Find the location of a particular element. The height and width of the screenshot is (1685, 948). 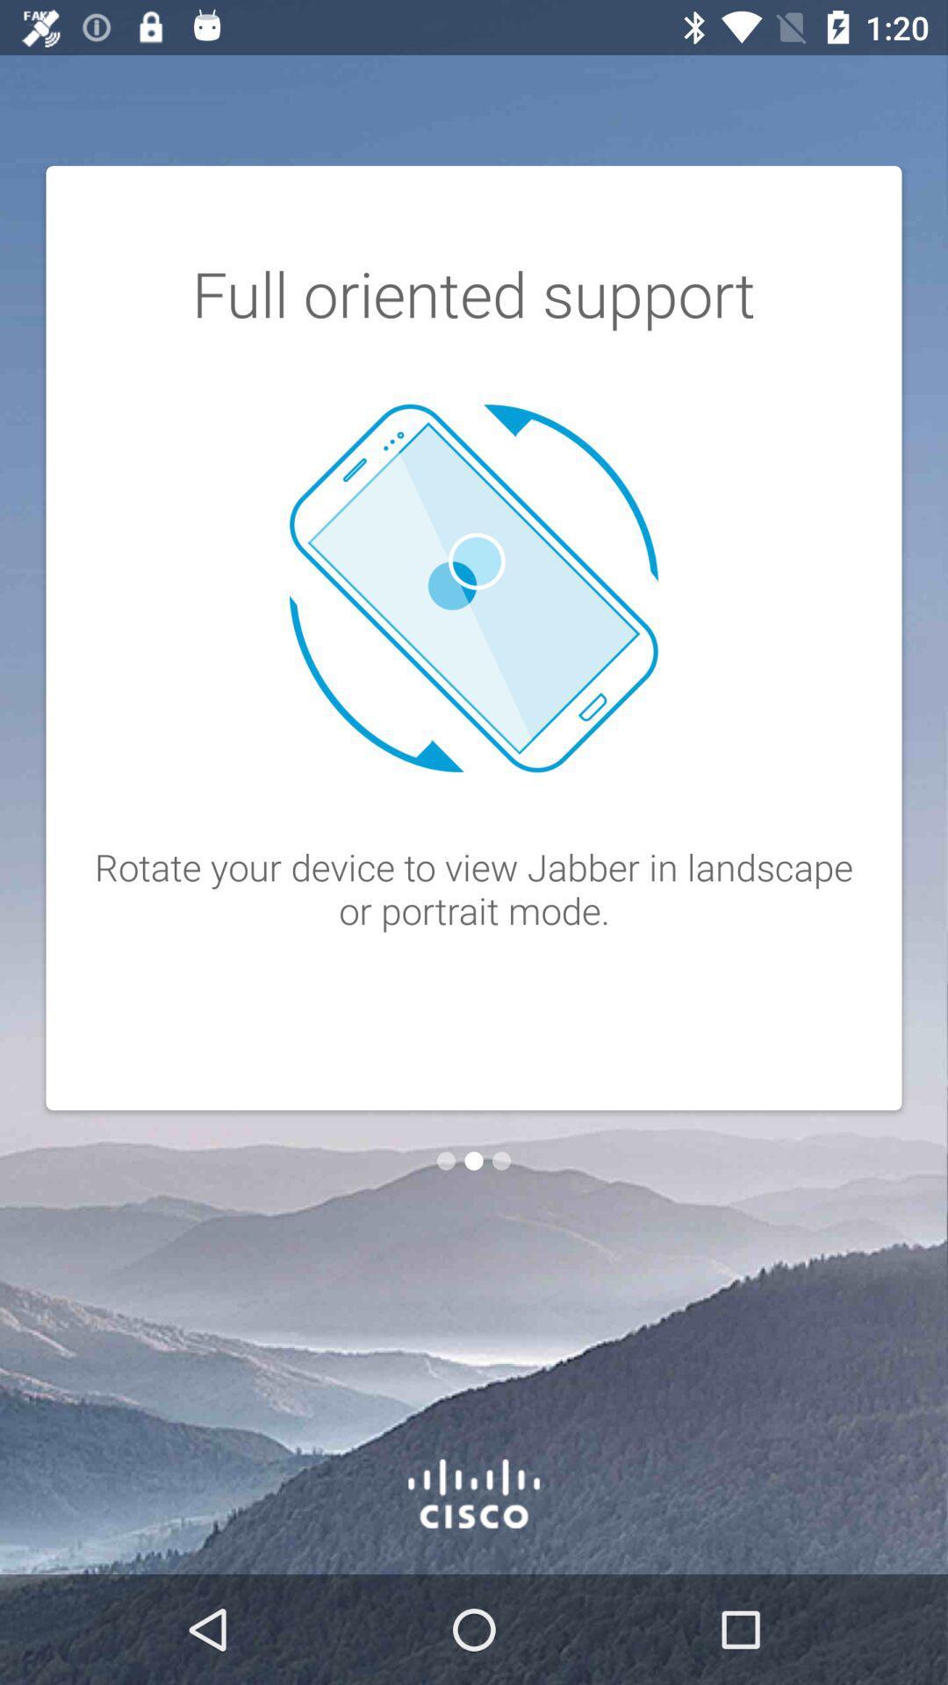

the item below rotate your device is located at coordinates (445, 1161).